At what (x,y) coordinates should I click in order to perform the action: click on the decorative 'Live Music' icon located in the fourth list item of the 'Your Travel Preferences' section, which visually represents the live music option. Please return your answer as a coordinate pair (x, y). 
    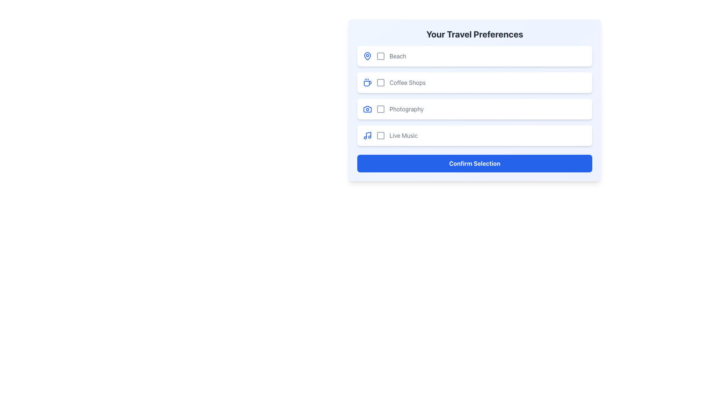
    Looking at the image, I should click on (368, 136).